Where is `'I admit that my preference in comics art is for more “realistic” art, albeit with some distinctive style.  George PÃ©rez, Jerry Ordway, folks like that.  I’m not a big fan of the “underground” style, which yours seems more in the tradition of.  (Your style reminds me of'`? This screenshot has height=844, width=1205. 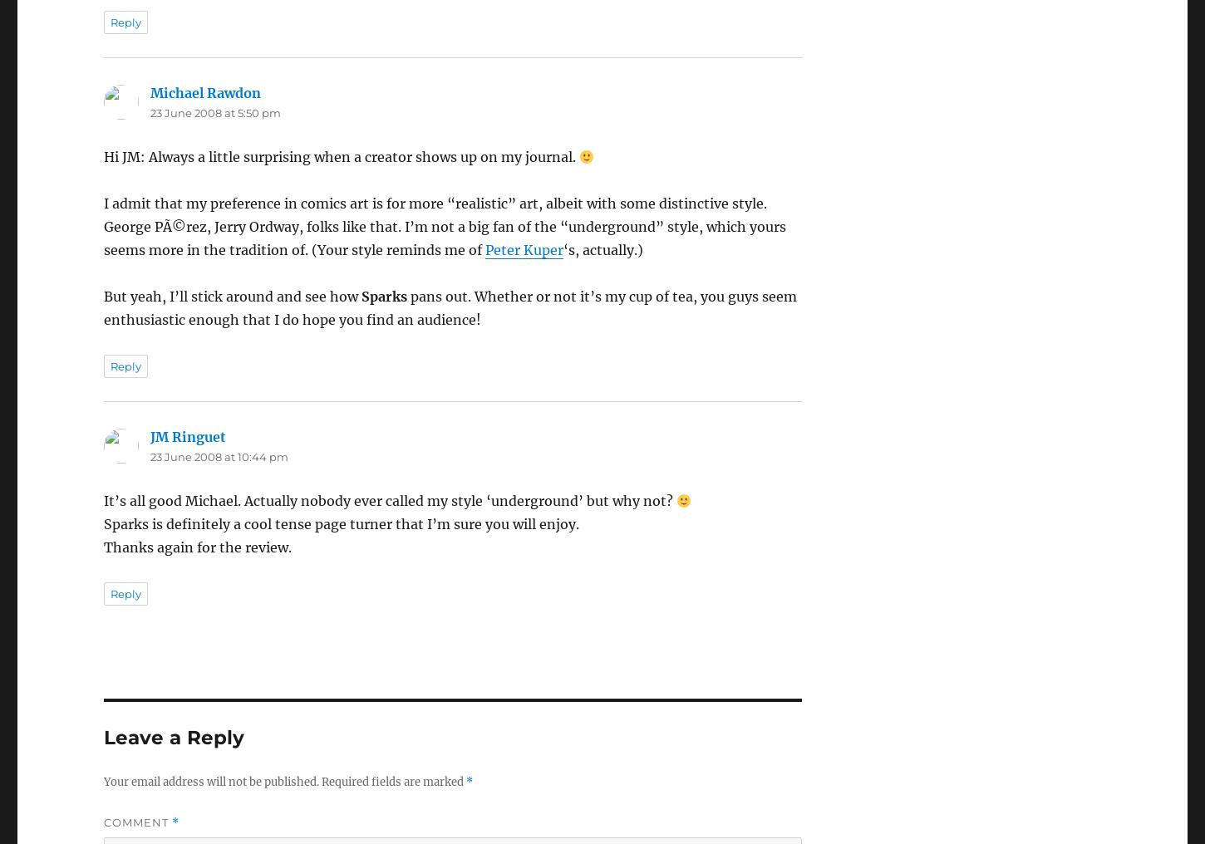 'I admit that my preference in comics art is for more “realistic” art, albeit with some distinctive style.  George PÃ©rez, Jerry Ordway, folks like that.  I’m not a big fan of the “underground” style, which yours seems more in the tradition of.  (Your style reminds me of' is located at coordinates (102, 225).